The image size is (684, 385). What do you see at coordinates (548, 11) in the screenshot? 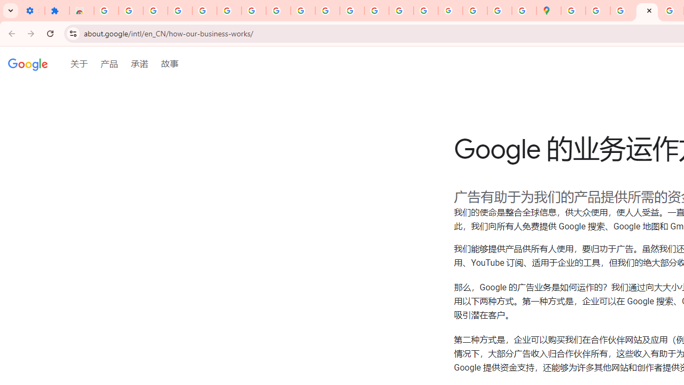
I see `'Google Maps'` at bounding box center [548, 11].